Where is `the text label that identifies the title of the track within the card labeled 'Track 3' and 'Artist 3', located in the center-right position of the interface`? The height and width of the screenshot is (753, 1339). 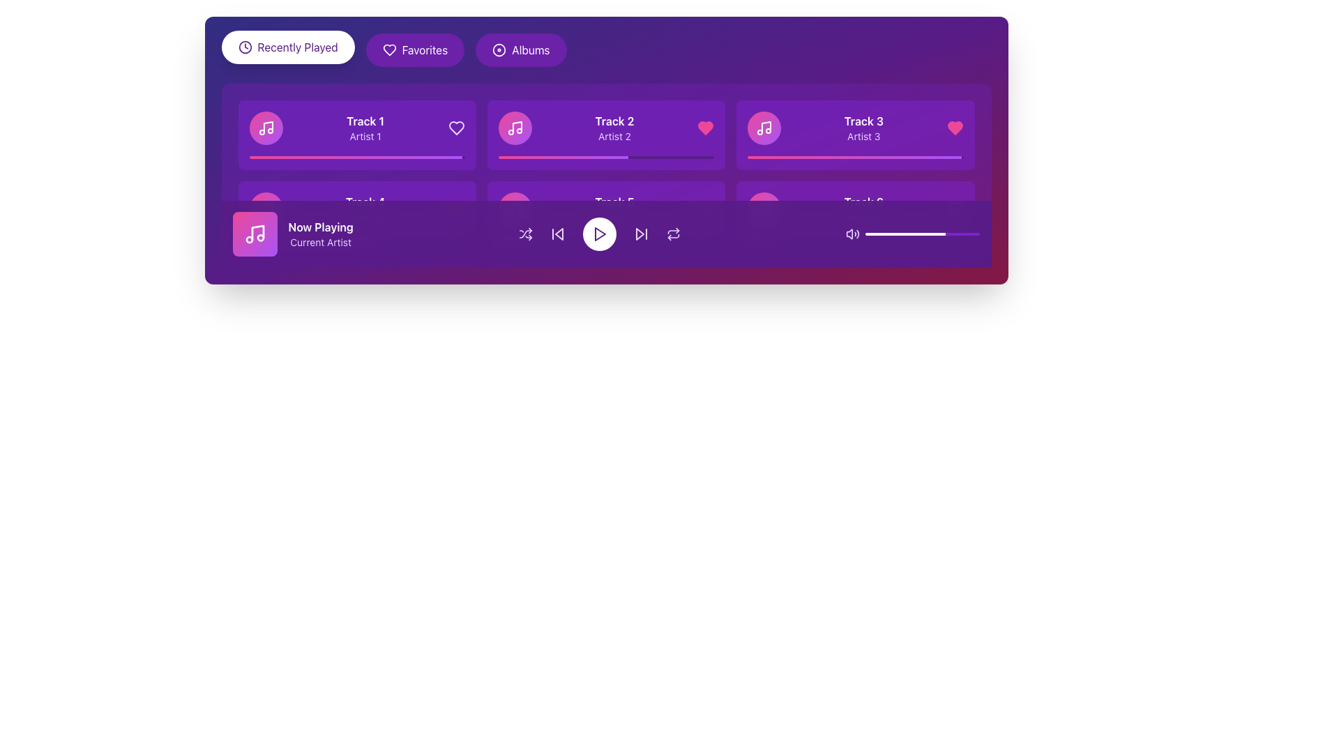
the text label that identifies the title of the track within the card labeled 'Track 3' and 'Artist 3', located in the center-right position of the interface is located at coordinates (863, 120).